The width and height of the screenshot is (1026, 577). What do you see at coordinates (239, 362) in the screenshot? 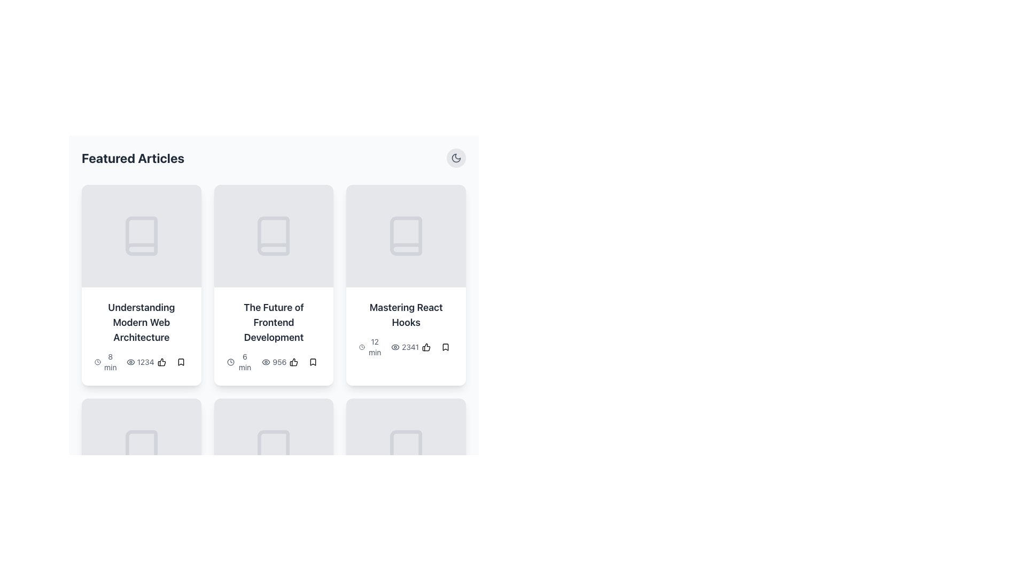
I see `the informational label displaying the time estimate '6 min' with a clock icon, located in the bottom-left section of the second card in the 'Featured Articles' grid` at bounding box center [239, 362].